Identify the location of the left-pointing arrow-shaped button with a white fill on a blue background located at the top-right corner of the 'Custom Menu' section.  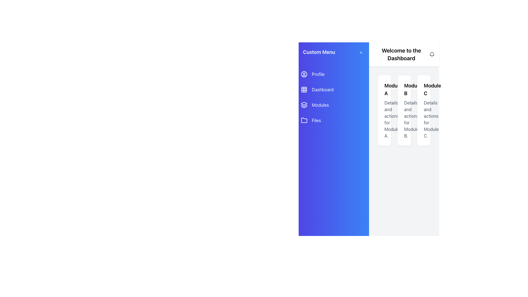
(361, 52).